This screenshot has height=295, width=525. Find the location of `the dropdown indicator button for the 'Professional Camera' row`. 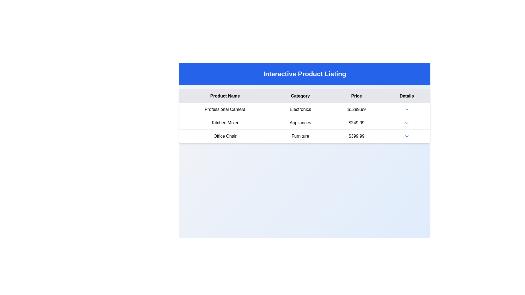

the dropdown indicator button for the 'Professional Camera' row is located at coordinates (407, 110).